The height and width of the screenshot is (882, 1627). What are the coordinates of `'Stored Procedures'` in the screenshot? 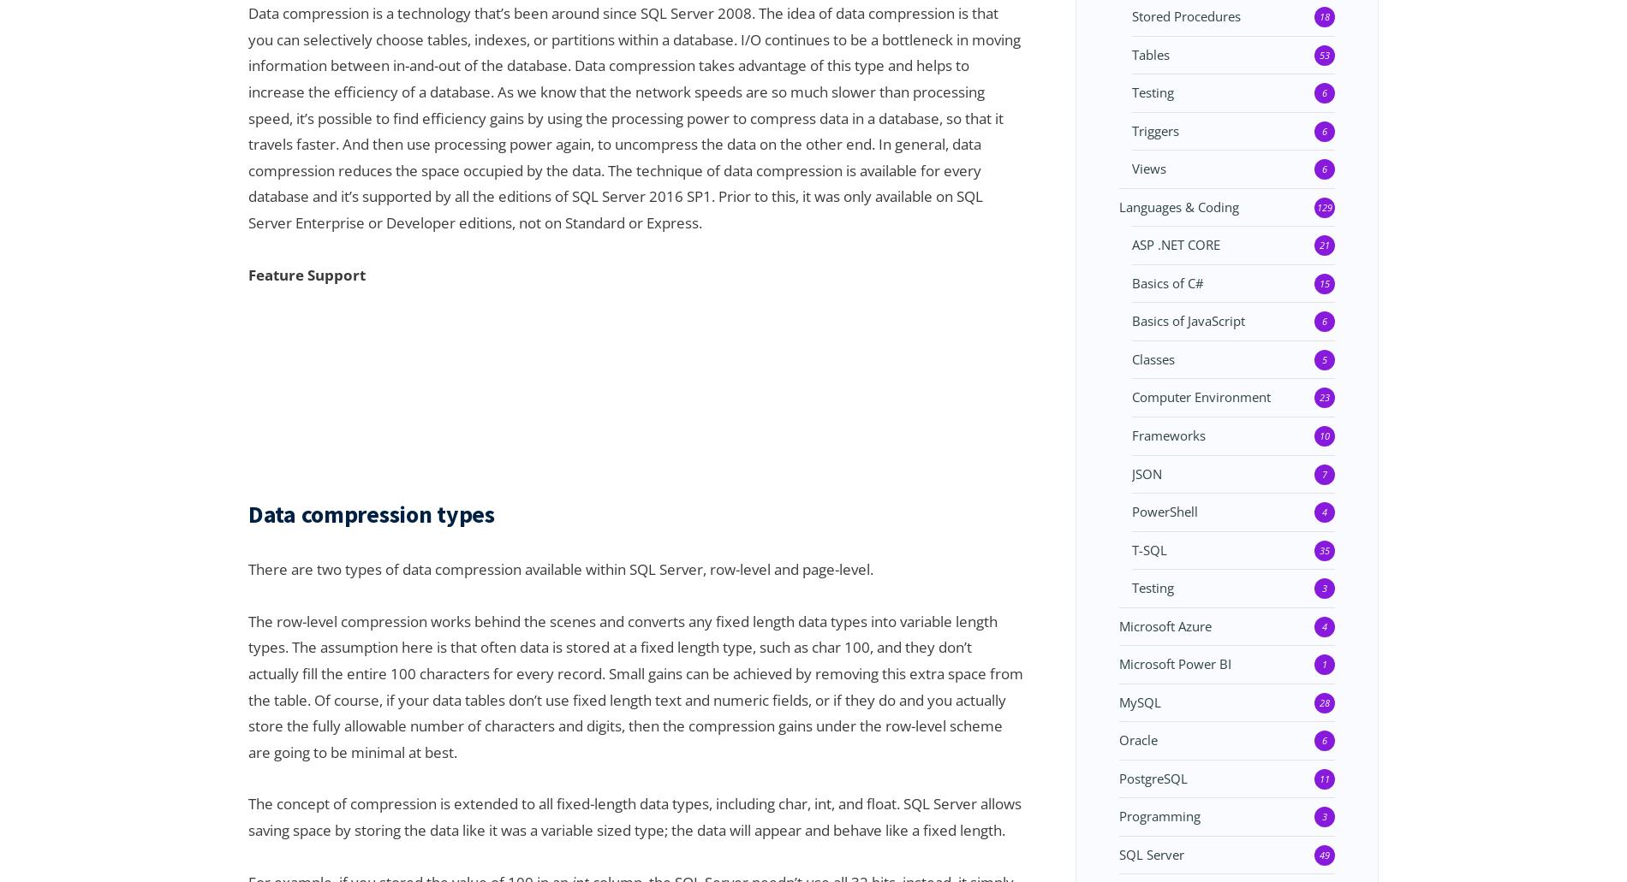 It's located at (1131, 15).